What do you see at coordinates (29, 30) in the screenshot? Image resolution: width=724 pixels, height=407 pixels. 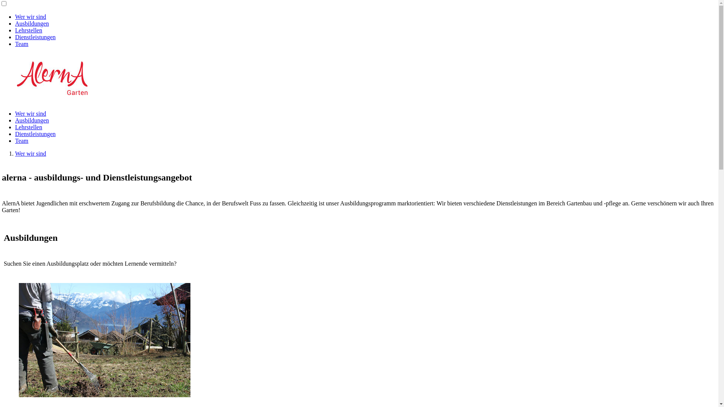 I see `'Lehrstellen'` at bounding box center [29, 30].